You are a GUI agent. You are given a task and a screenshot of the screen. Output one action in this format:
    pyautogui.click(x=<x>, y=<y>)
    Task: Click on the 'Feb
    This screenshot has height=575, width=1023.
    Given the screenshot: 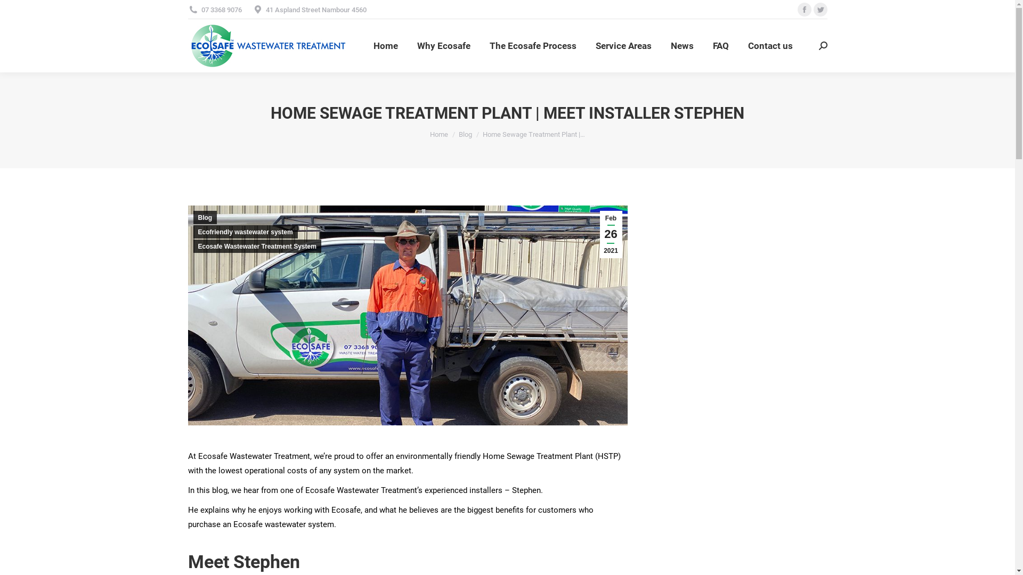 What is the action you would take?
    pyautogui.click(x=600, y=234)
    